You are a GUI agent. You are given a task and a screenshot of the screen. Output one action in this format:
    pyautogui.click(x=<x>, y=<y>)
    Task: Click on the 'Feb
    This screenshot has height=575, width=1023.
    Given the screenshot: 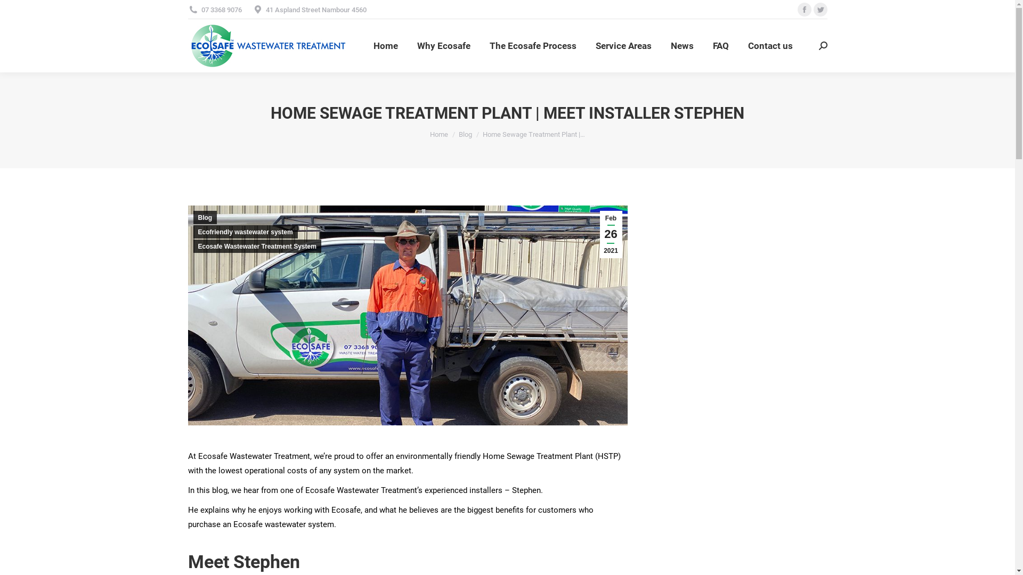 What is the action you would take?
    pyautogui.click(x=600, y=234)
    